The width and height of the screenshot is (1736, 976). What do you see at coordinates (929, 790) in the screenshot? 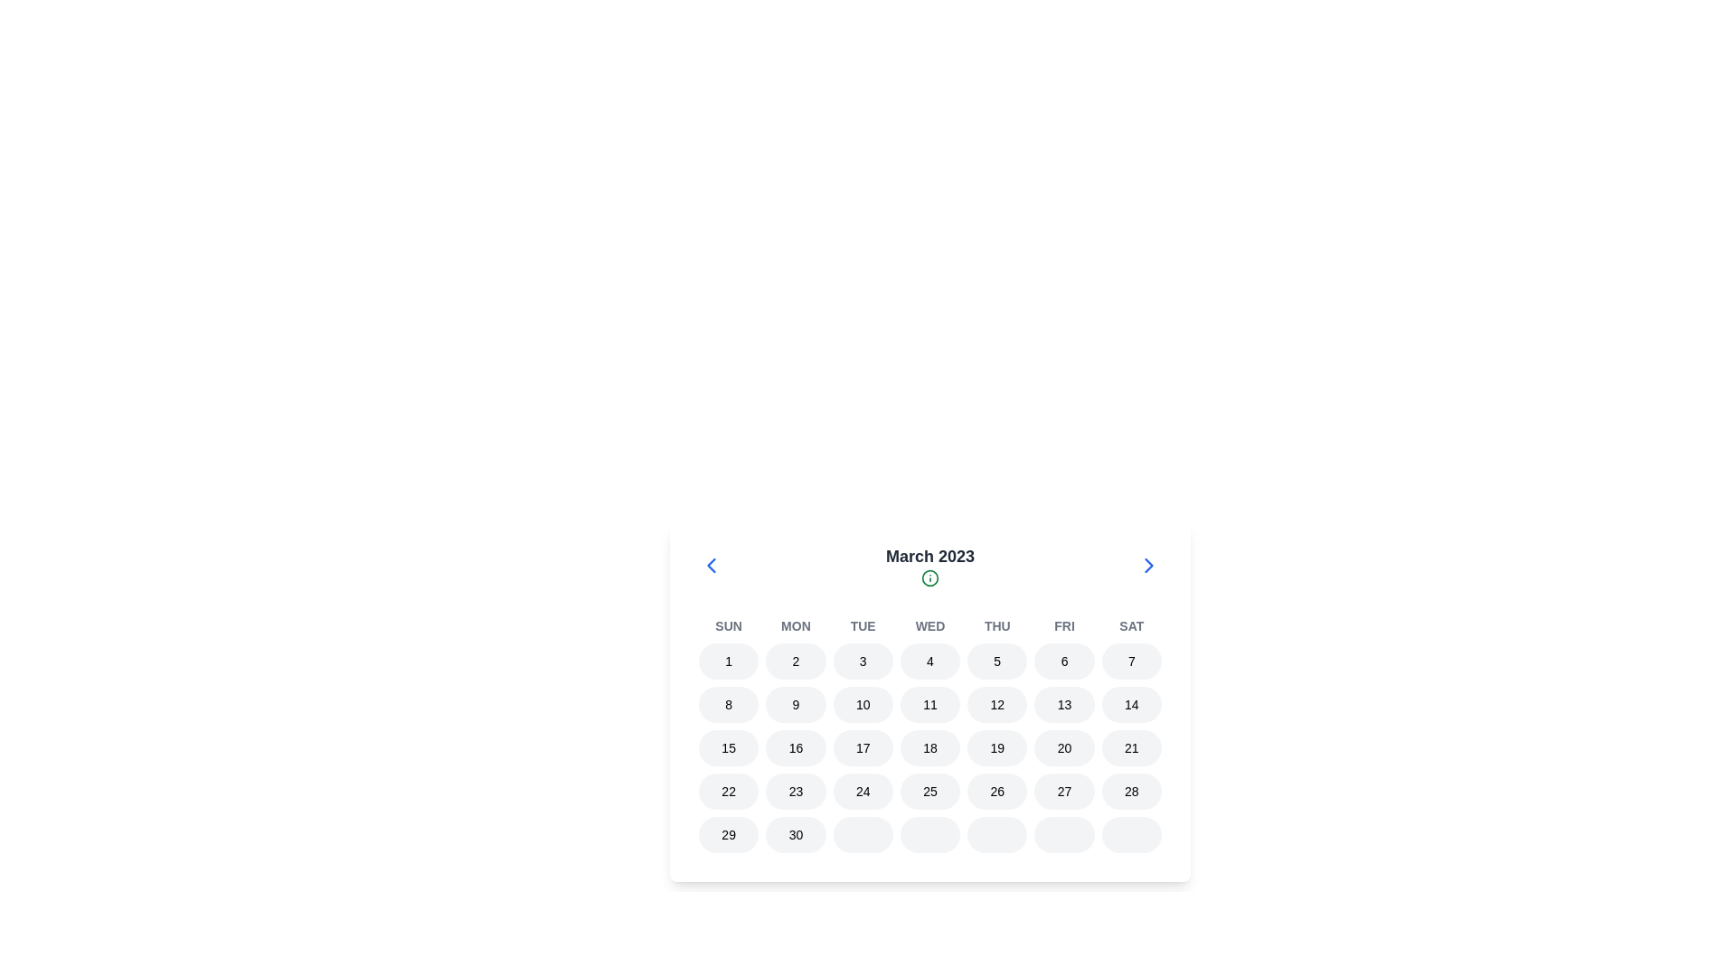
I see `the selectable date button in the calendar grid located in the fourth column of the fourth row, below the 'March 2023' header` at bounding box center [929, 790].